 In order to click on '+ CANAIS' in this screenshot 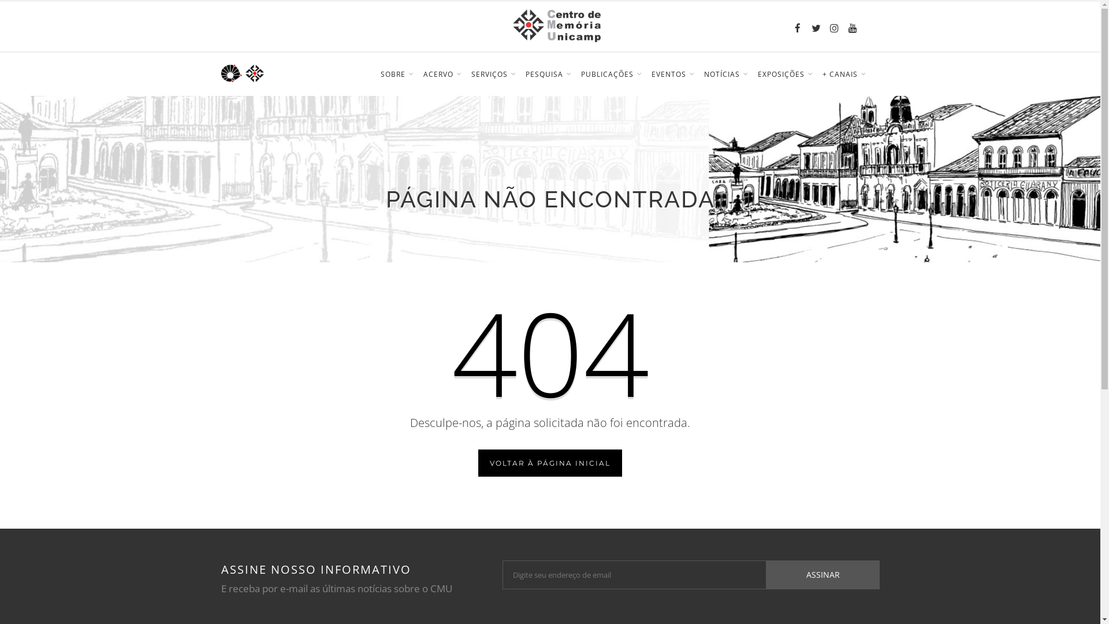, I will do `click(844, 74)`.